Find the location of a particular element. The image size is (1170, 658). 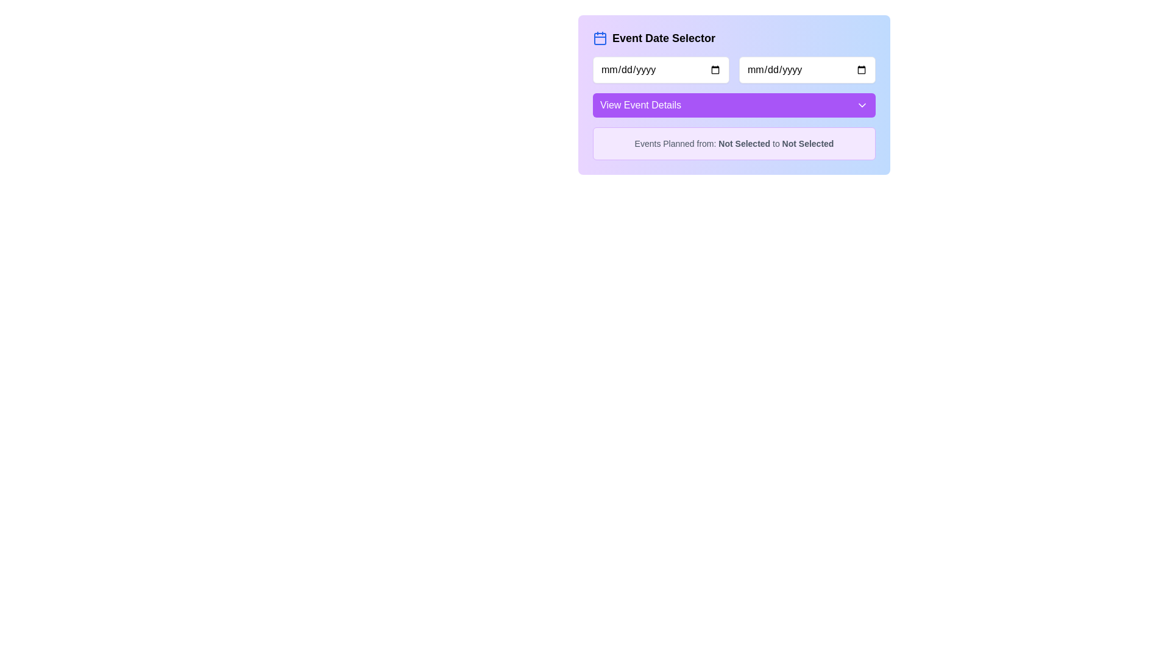

the icon located at the far right of the 'View Event Details' button is located at coordinates (862, 105).